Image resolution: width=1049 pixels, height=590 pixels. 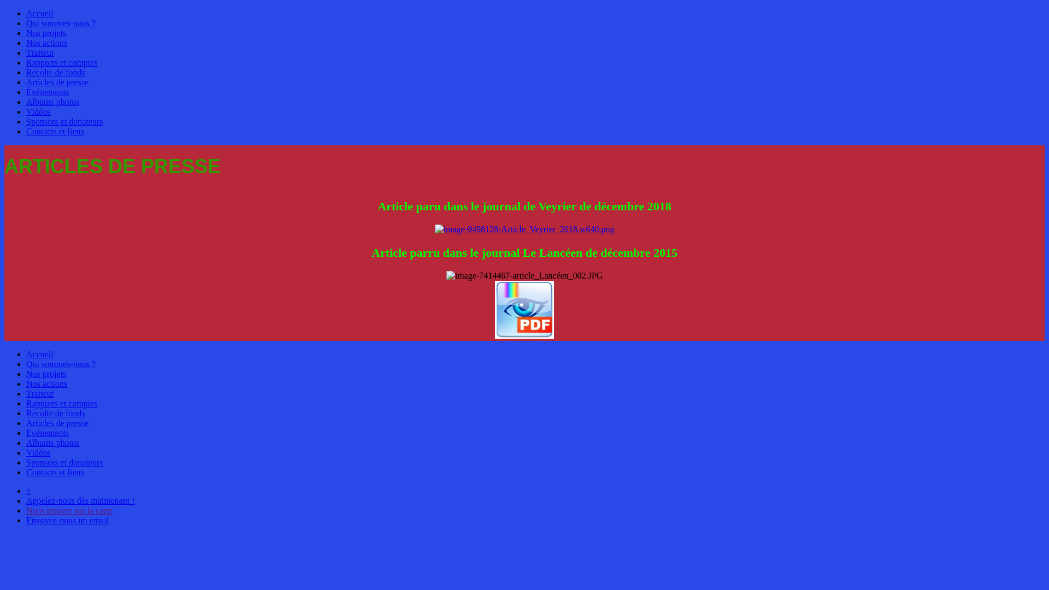 What do you see at coordinates (52, 442) in the screenshot?
I see `'Albums photos'` at bounding box center [52, 442].